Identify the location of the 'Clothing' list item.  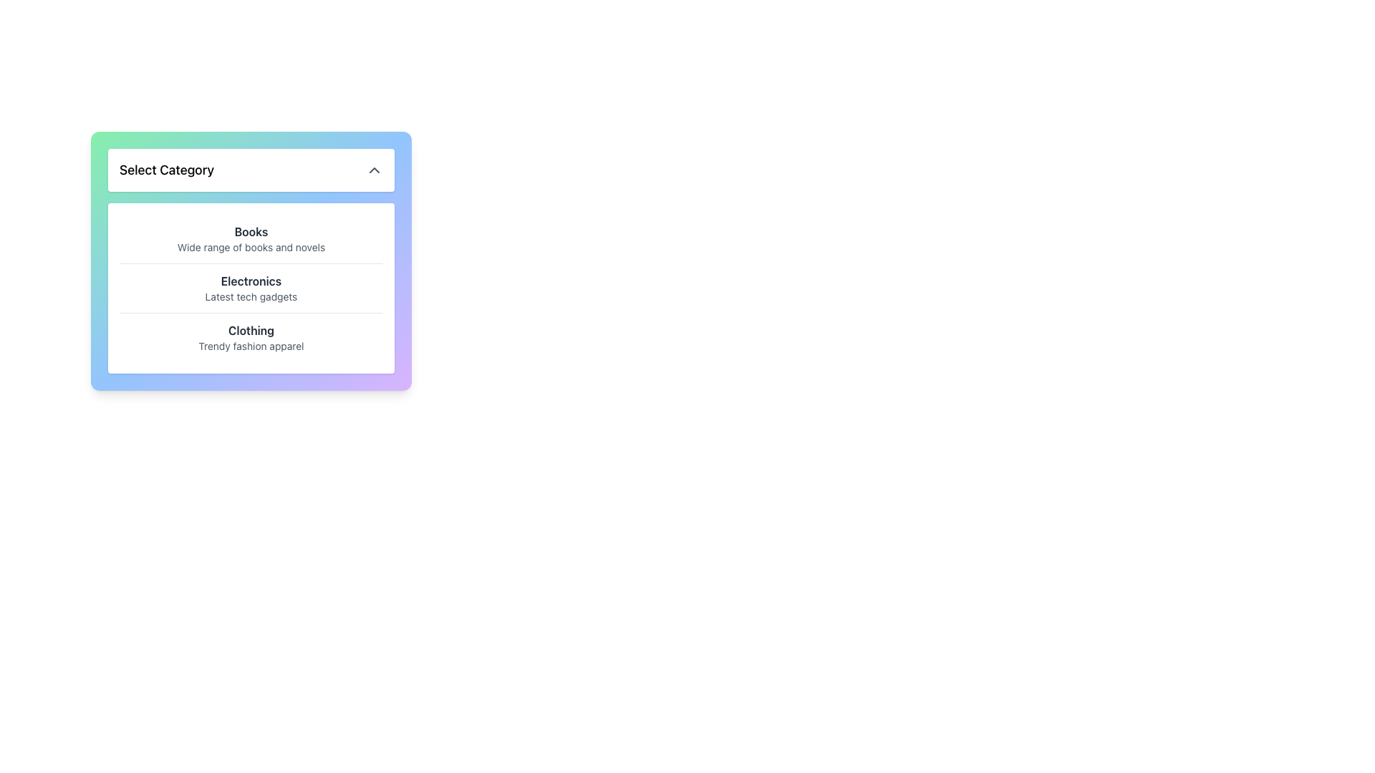
(251, 337).